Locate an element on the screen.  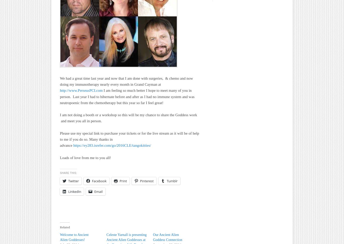
'LinkedIn' is located at coordinates (68, 191).